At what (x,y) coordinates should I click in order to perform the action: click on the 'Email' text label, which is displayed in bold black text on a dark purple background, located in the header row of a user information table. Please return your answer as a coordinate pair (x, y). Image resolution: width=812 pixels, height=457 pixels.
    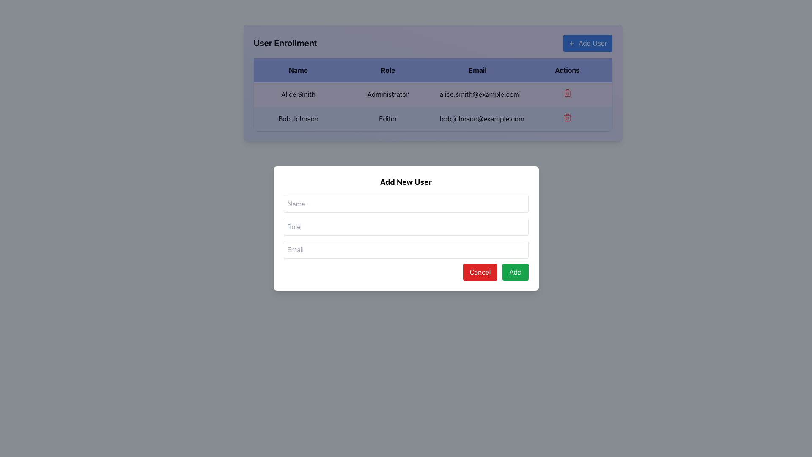
    Looking at the image, I should click on (477, 69).